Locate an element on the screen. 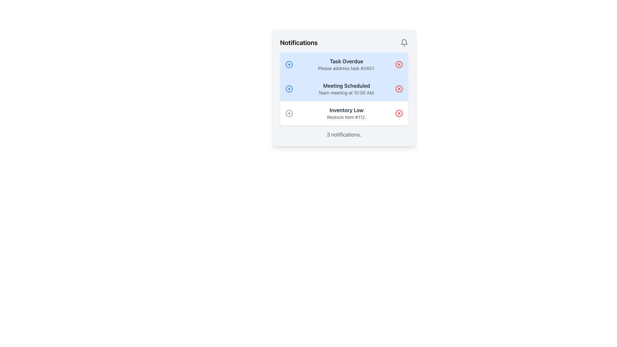 This screenshot has width=617, height=347. the Circular action indicator in the 'Meeting Scheduled' notification is located at coordinates (289, 89).